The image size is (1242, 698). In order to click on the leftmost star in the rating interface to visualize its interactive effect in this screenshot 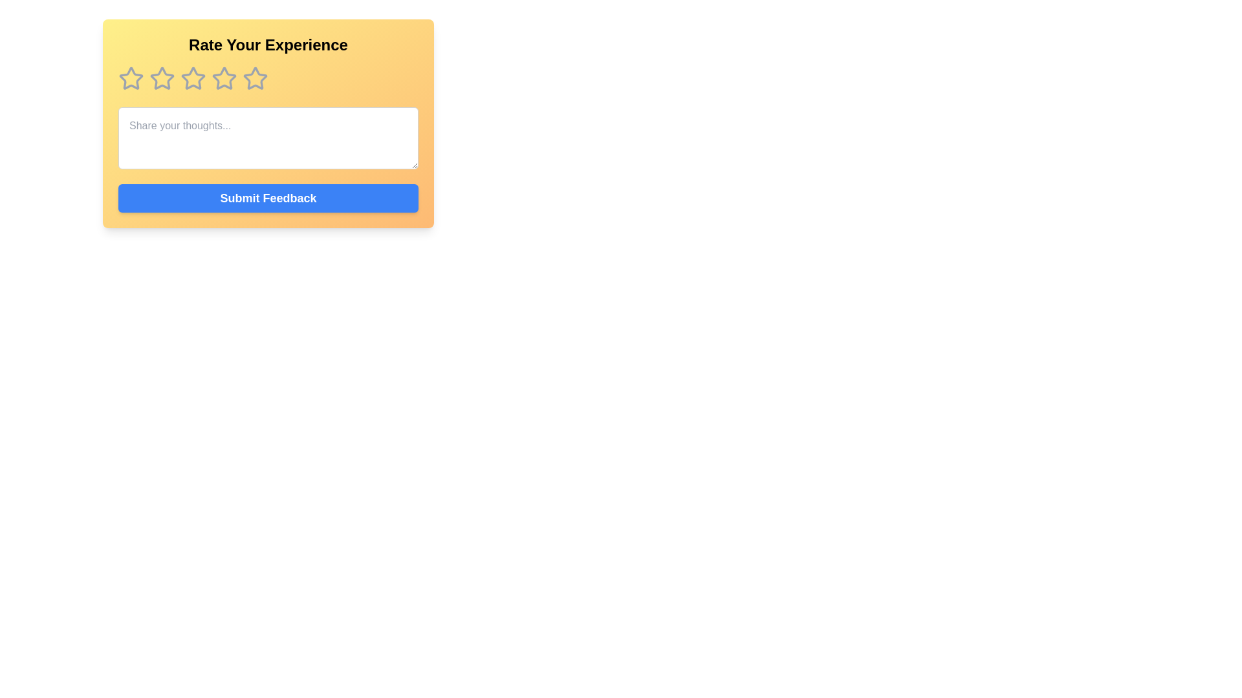, I will do `click(131, 79)`.